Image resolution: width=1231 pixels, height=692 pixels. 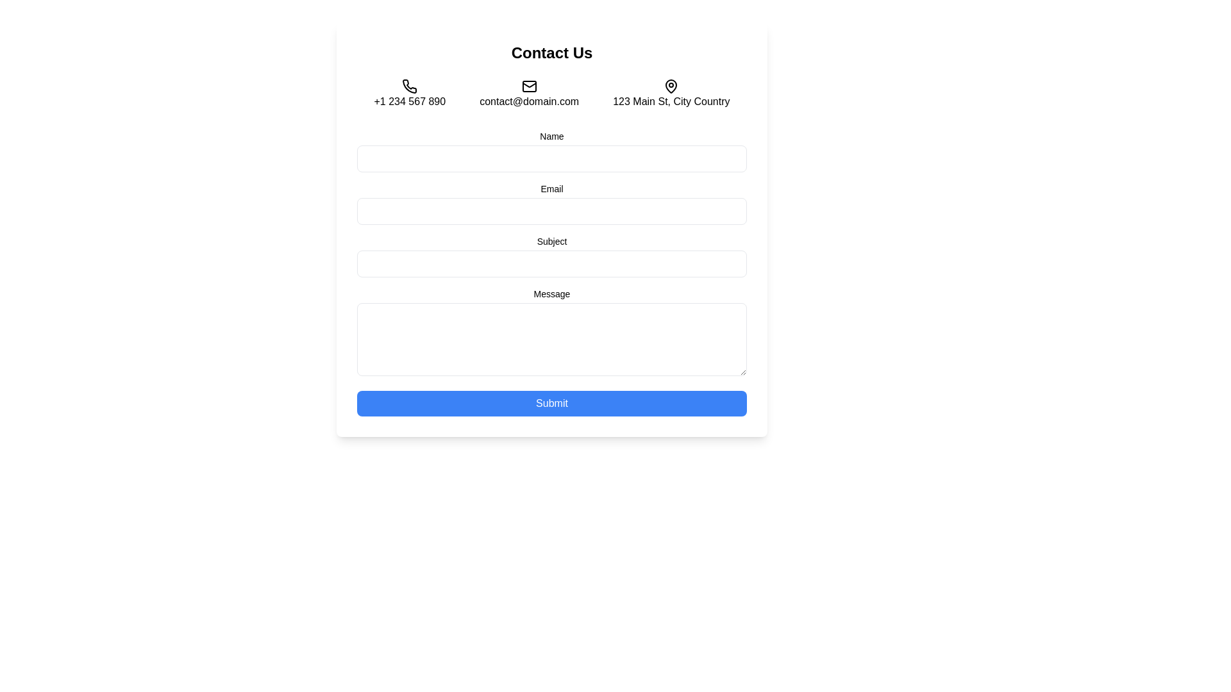 What do you see at coordinates (529, 86) in the screenshot?
I see `the main rectangular graphical component within the envelope-shaped icon in the 'Contact Us' section` at bounding box center [529, 86].